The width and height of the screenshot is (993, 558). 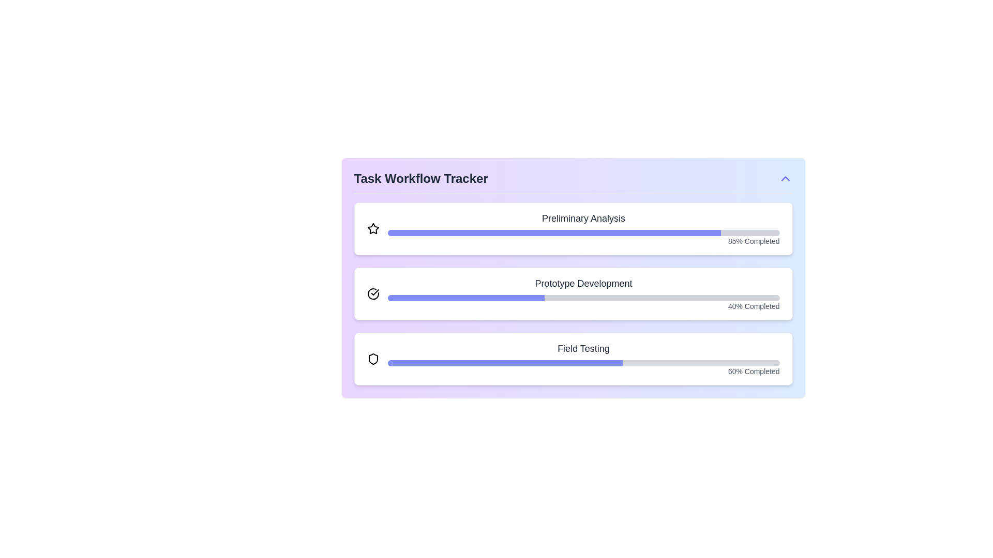 I want to click on the Text Label indicating 'Preliminary Analysis', which serves as the title for the associated card in the task workflow tracker interface, so click(x=583, y=218).